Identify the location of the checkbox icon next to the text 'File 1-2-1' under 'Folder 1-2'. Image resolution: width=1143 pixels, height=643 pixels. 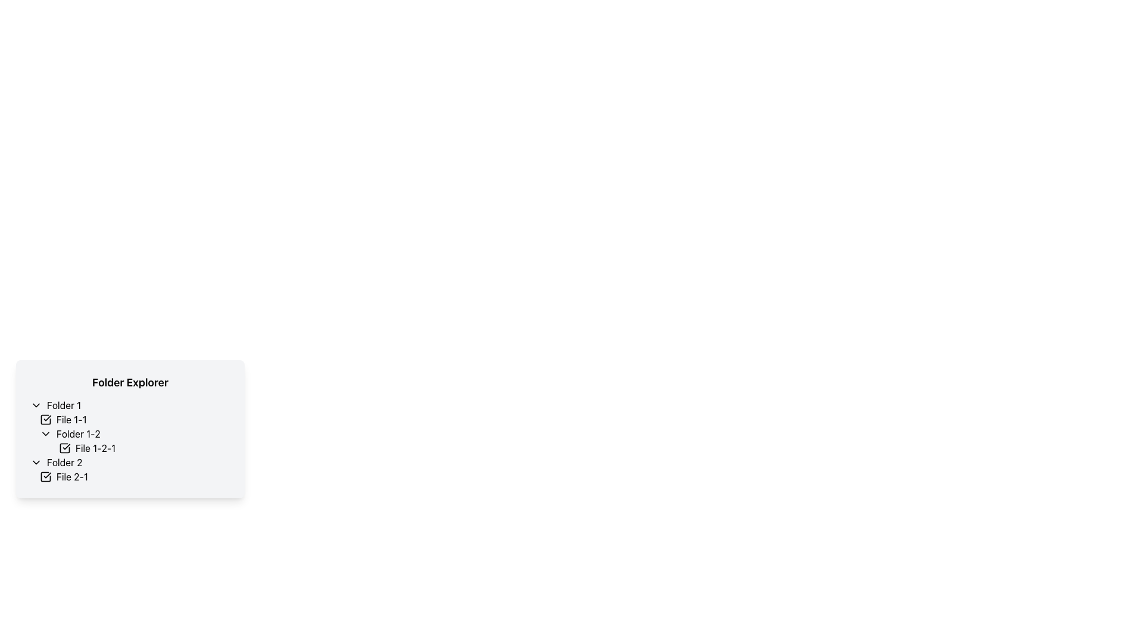
(64, 448).